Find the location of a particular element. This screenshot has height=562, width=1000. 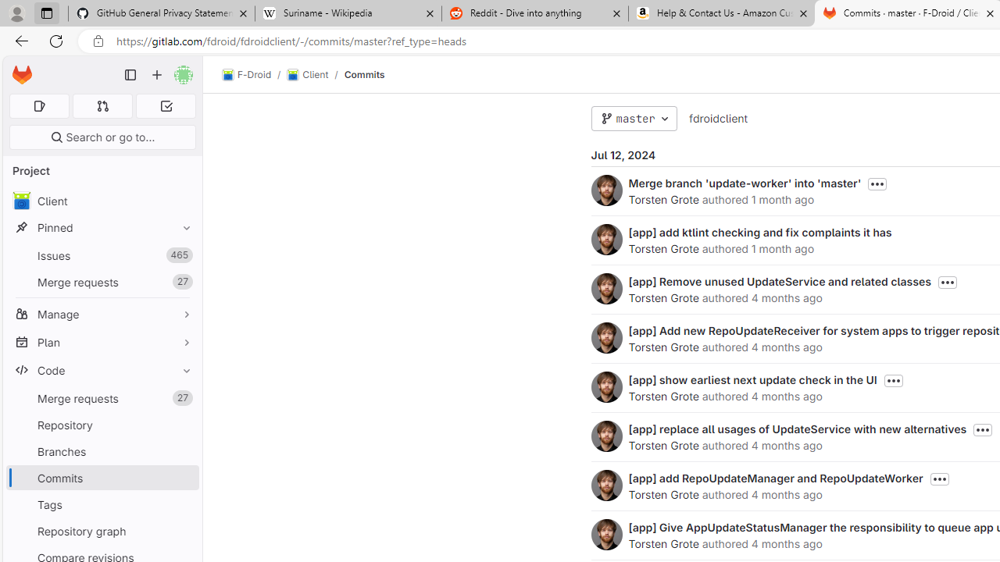

'Commits' is located at coordinates (363, 74).